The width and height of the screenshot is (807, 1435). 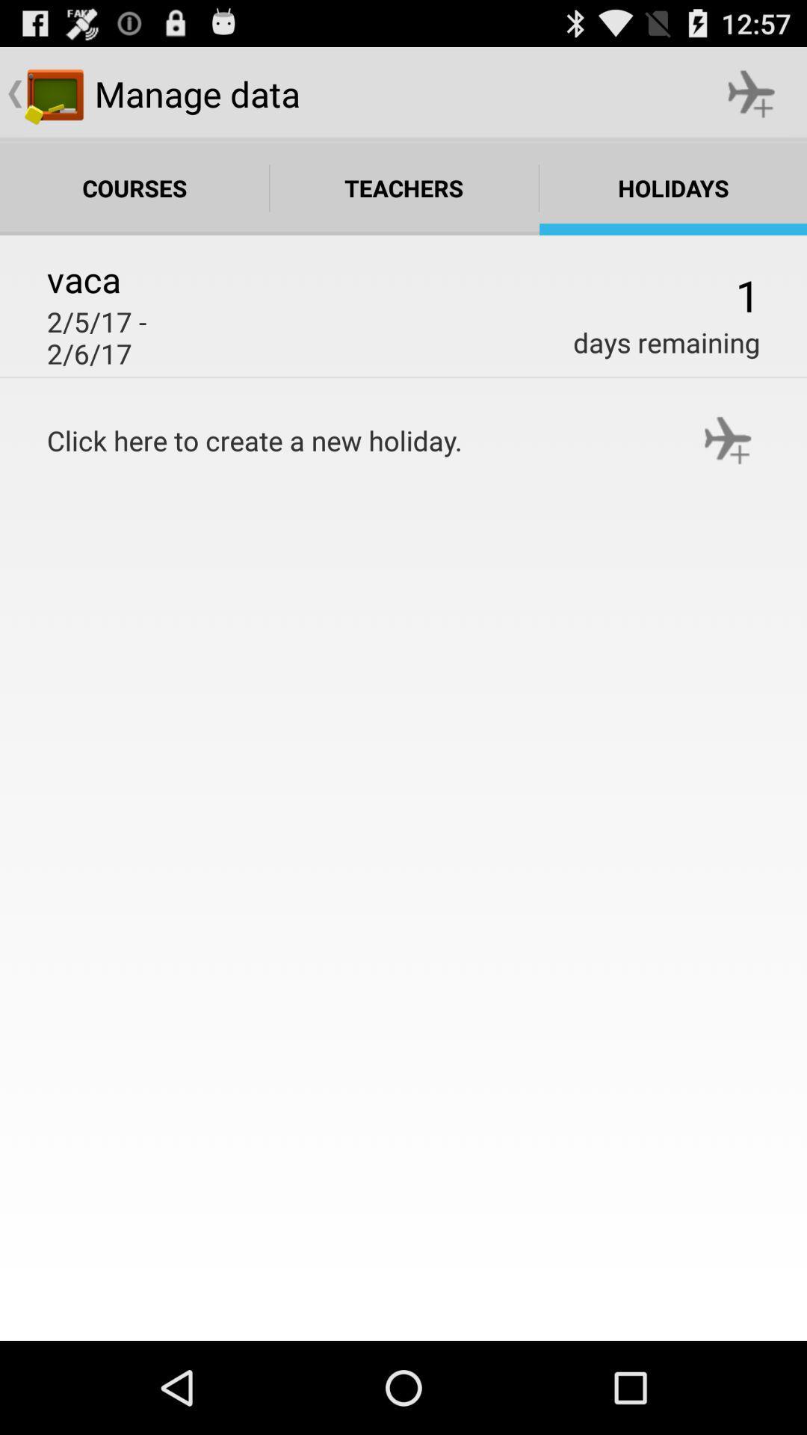 I want to click on the app above holidays, so click(x=752, y=93).